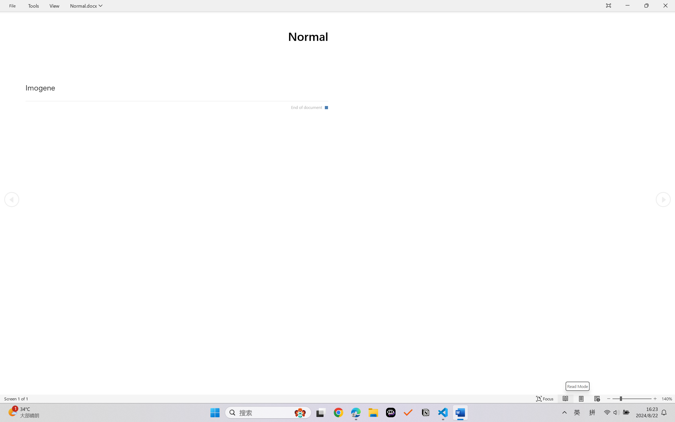  Describe the element at coordinates (609, 399) in the screenshot. I see `'Decrease Text Size'` at that location.